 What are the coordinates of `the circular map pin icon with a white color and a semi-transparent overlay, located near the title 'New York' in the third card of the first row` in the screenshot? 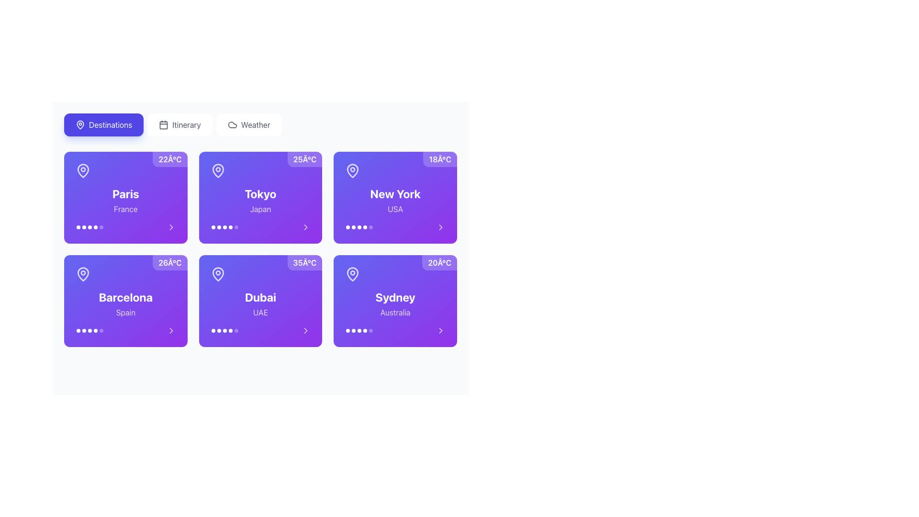 It's located at (352, 170).